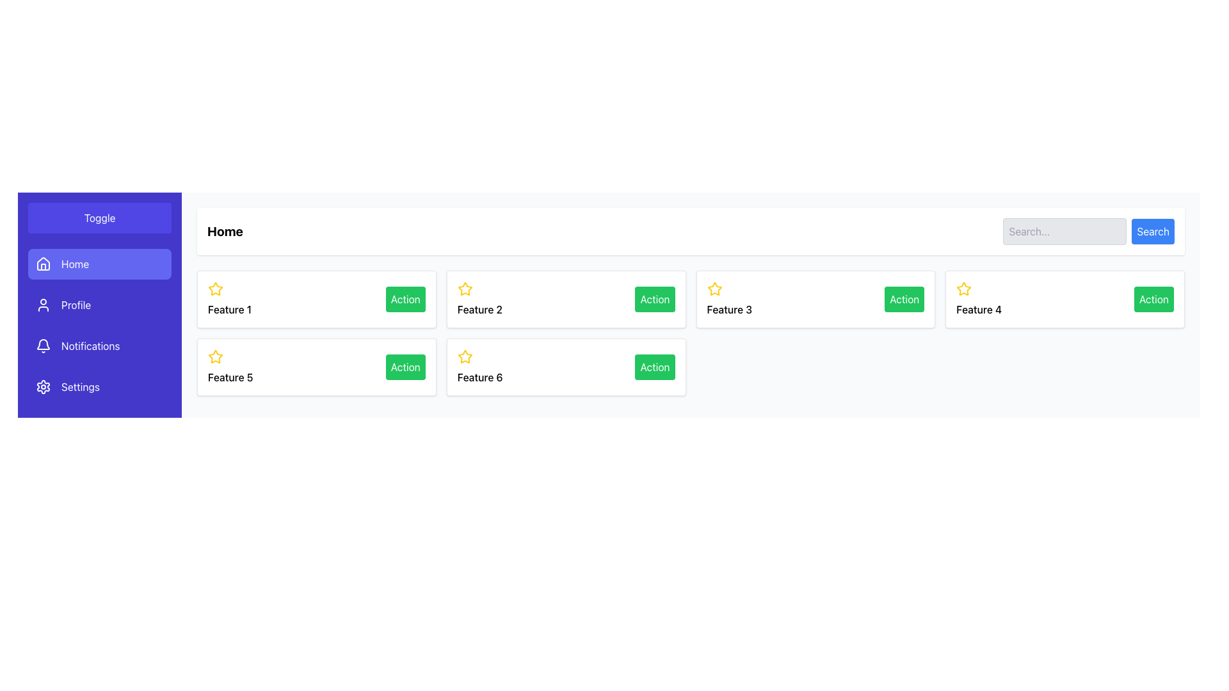 This screenshot has height=691, width=1229. Describe the element at coordinates (43, 263) in the screenshot. I see `the 'Home' icon located in the left navigation bar, which serves as a navigational aid` at that location.